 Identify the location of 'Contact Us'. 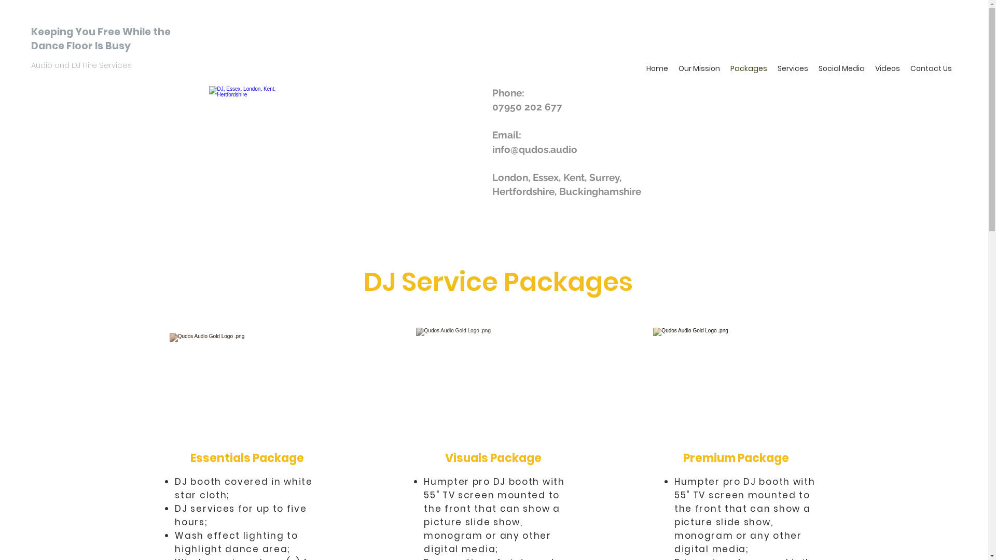
(931, 68).